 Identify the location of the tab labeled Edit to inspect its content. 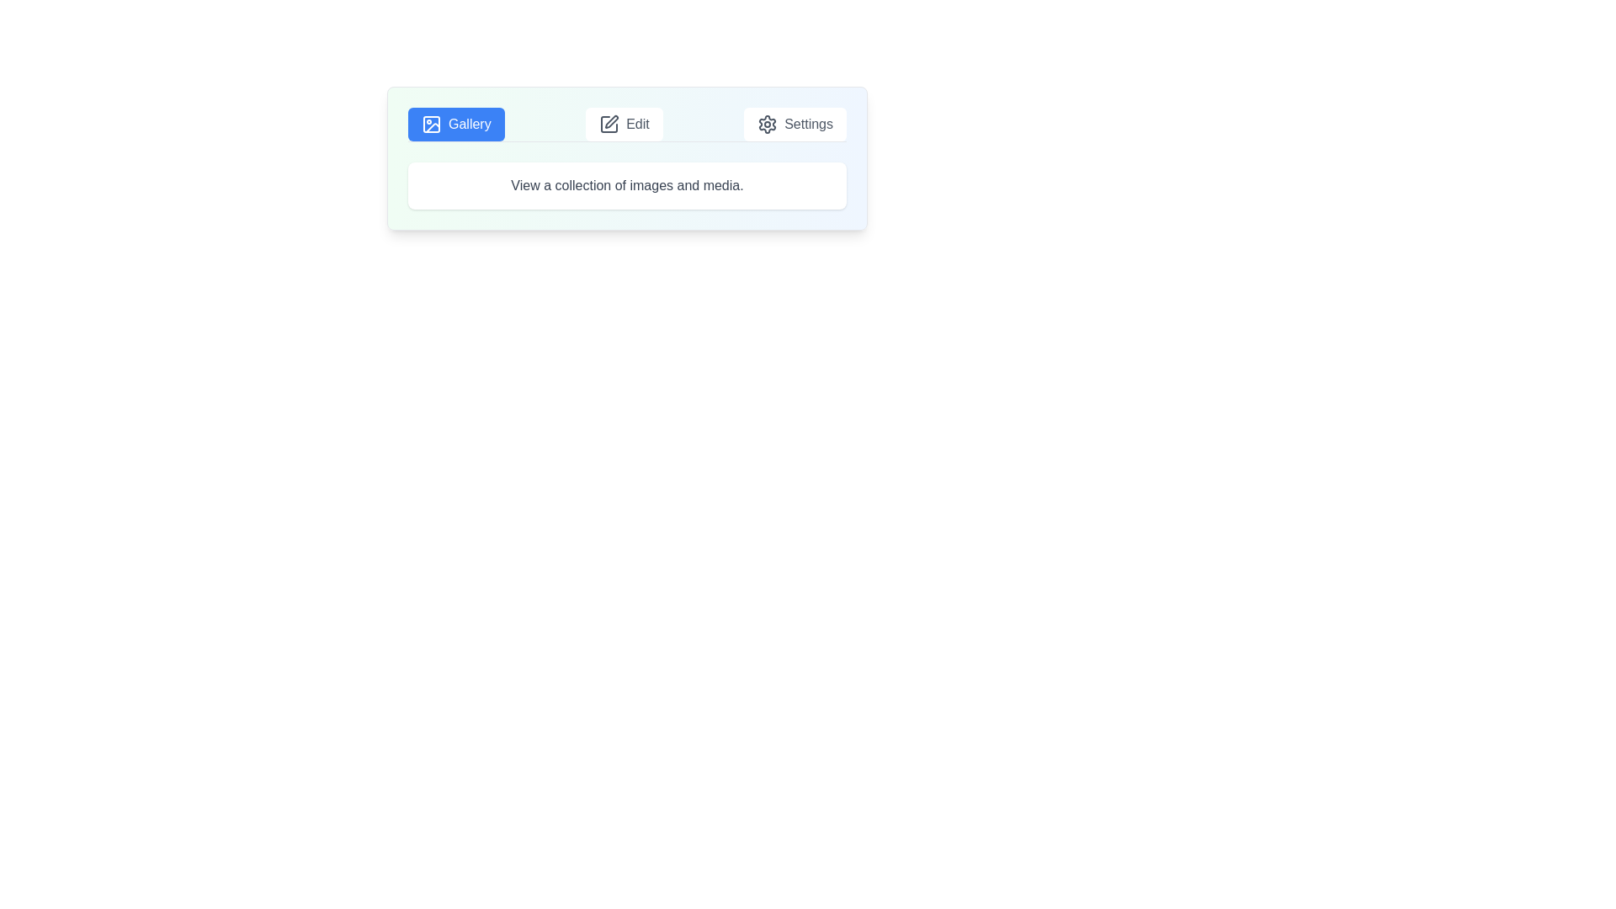
(624, 123).